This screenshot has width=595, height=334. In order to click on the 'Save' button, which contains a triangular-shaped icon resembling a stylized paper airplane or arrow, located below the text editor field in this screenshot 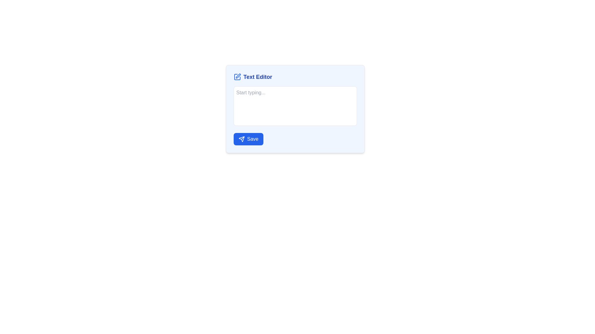, I will do `click(241, 139)`.